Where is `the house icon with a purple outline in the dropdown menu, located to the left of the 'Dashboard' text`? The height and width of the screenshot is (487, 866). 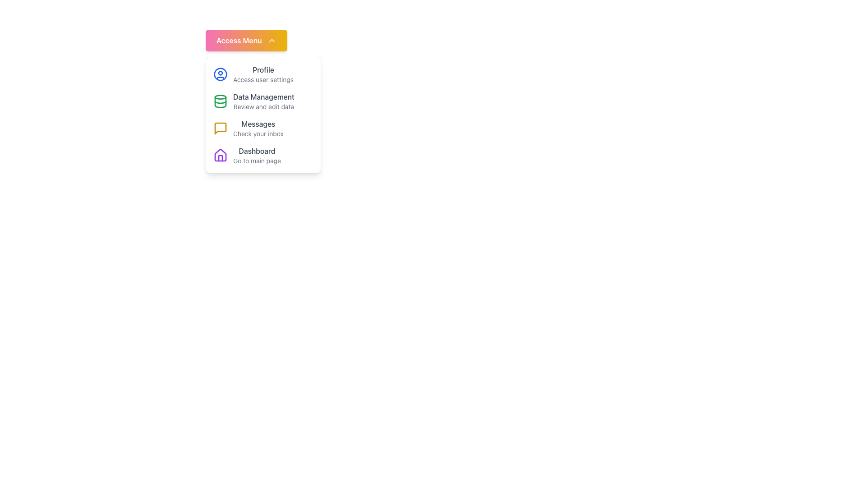 the house icon with a purple outline in the dropdown menu, located to the left of the 'Dashboard' text is located at coordinates (221, 155).